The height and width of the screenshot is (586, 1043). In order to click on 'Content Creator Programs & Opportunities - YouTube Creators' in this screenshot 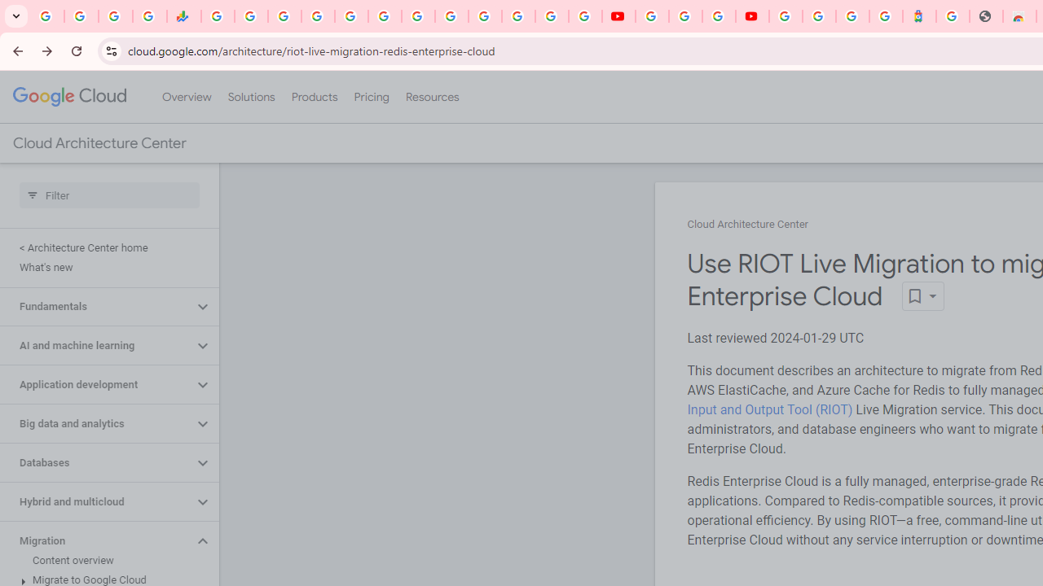, I will do `click(751, 16)`.